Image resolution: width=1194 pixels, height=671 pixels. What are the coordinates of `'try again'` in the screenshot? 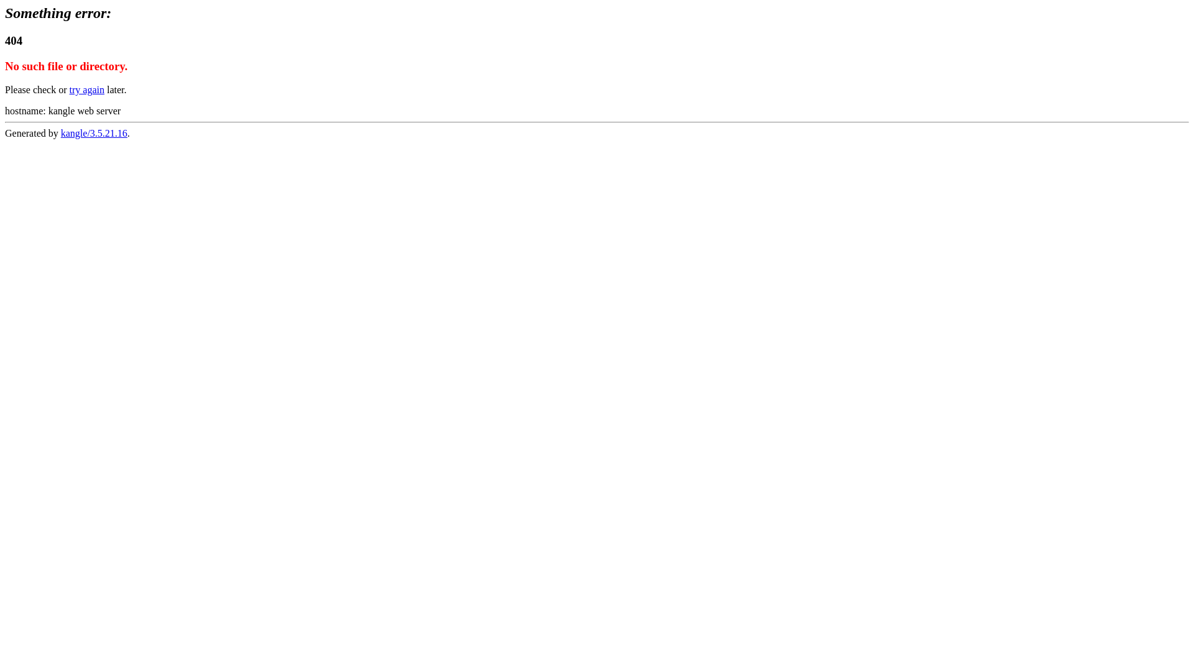 It's located at (86, 89).